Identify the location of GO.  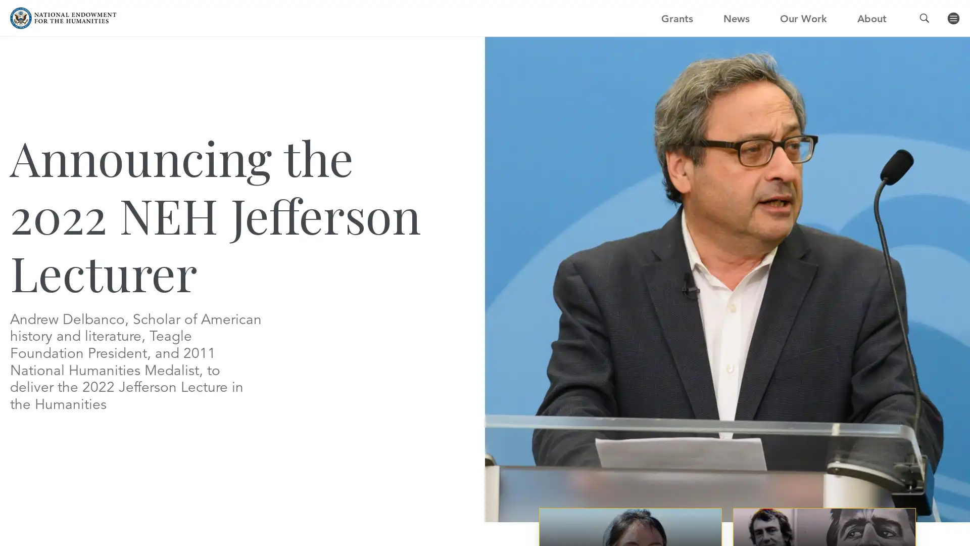
(655, 33).